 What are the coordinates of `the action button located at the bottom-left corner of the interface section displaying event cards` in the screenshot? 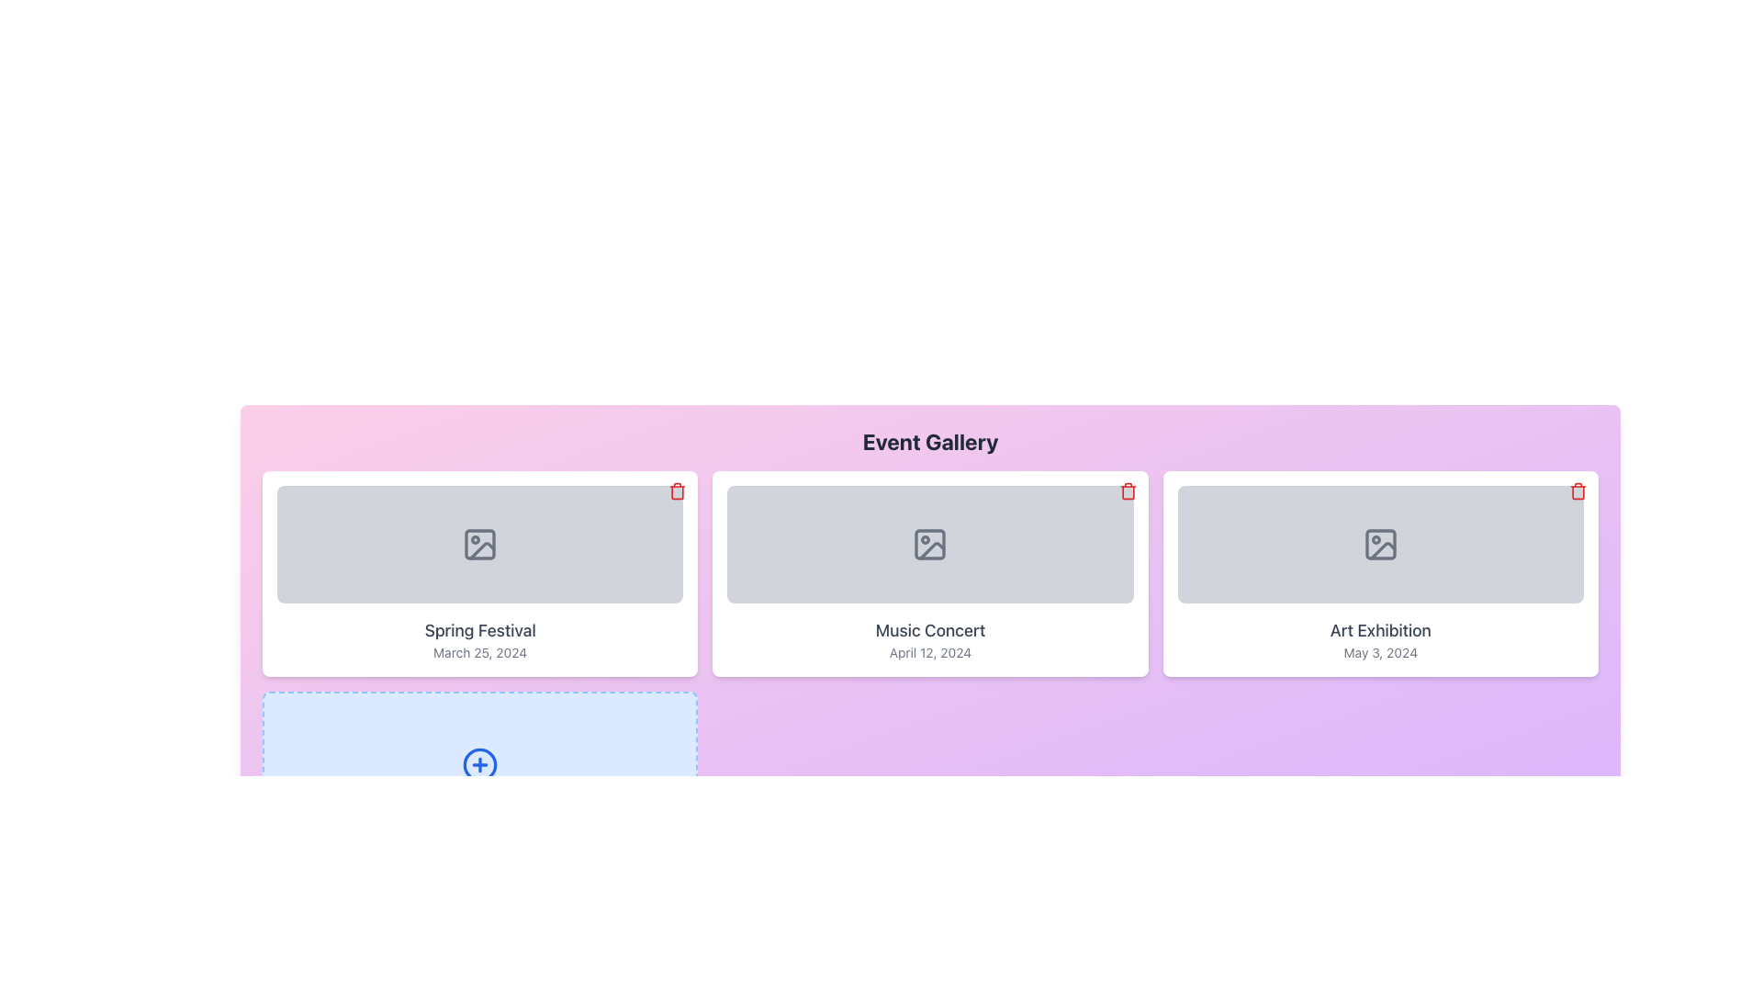 It's located at (480, 765).